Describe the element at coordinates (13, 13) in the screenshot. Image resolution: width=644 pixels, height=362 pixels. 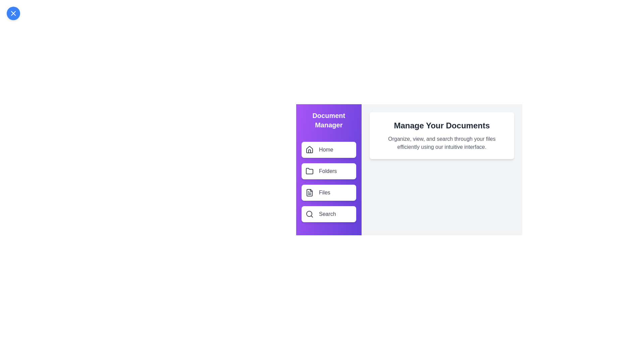
I see `the button with the X icon to toggle the side drawer` at that location.